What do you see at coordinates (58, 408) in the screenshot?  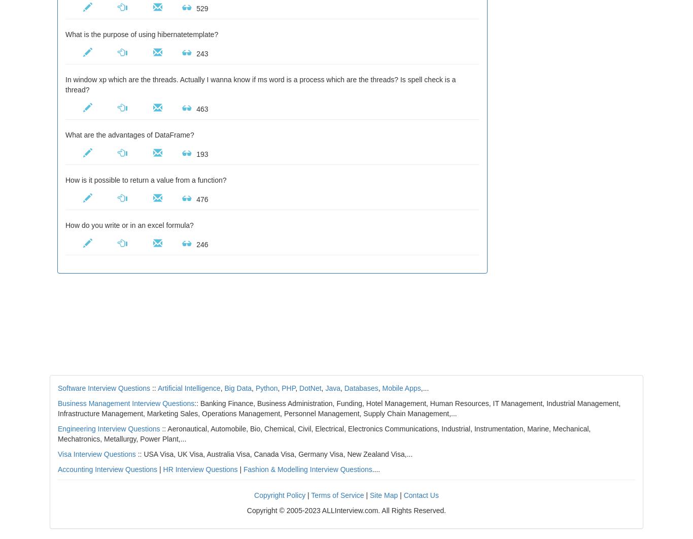 I see `':: Banking Finance, Business Administration, Funding, Hotel Management, Human Resources, IT Management, Industrial Management, Infrastructure Management, Marketing Sales, Operations Management, Personnel Management, Supply Chain Management,...'` at bounding box center [58, 408].